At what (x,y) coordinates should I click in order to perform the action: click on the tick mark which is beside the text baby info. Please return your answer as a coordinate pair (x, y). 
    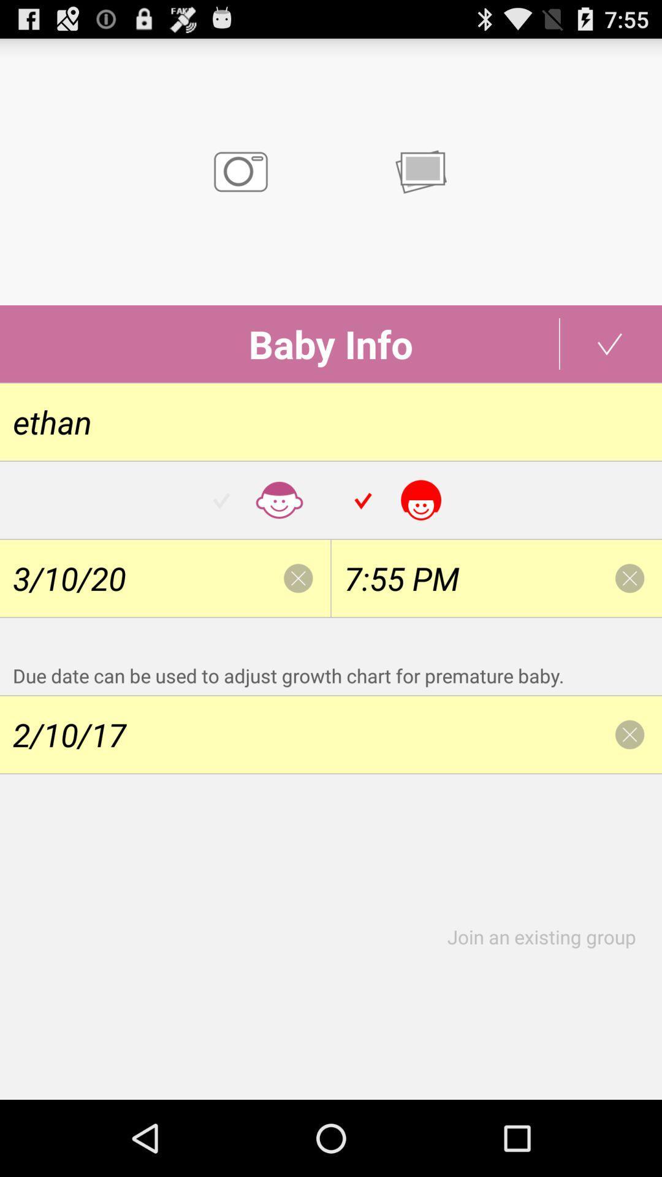
    Looking at the image, I should click on (610, 343).